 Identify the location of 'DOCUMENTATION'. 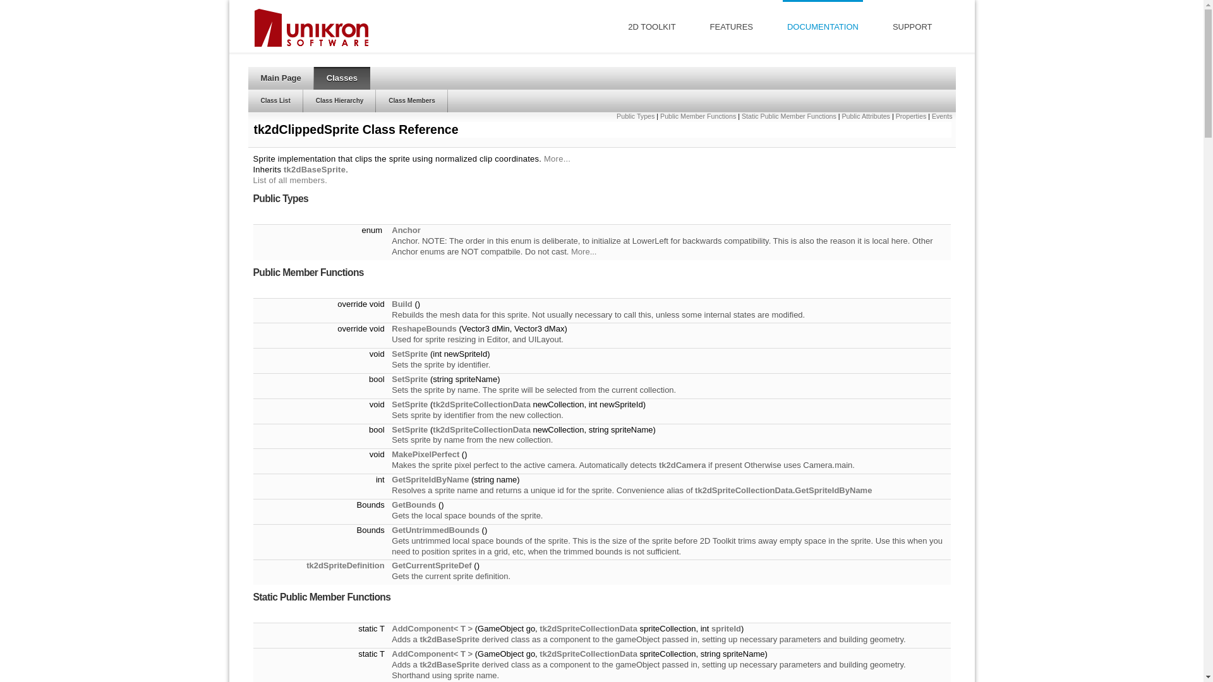
(823, 26).